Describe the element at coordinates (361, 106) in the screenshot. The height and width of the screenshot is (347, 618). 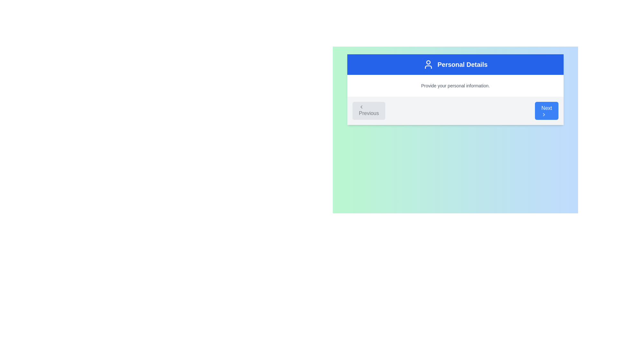
I see `the 'Previous' navigation indicator icon located within the 'Previous' button in the bottom-left corner of the main content section` at that location.